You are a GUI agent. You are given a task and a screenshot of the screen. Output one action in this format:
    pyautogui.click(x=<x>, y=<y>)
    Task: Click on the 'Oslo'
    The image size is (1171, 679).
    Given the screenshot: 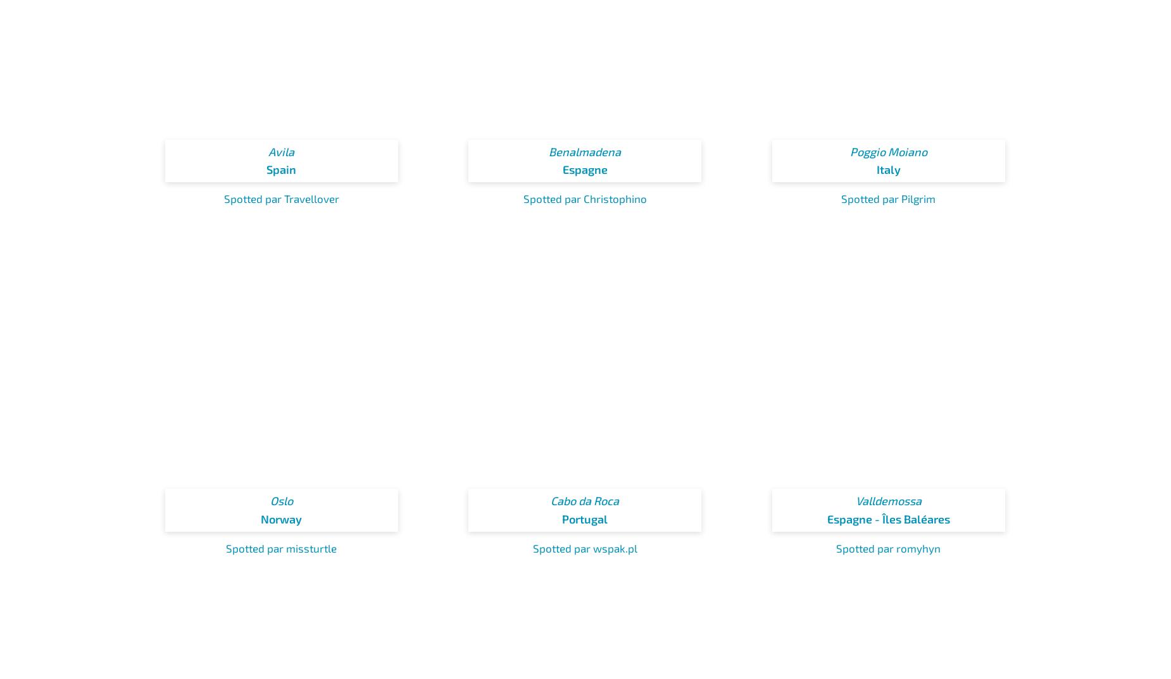 What is the action you would take?
    pyautogui.click(x=280, y=499)
    